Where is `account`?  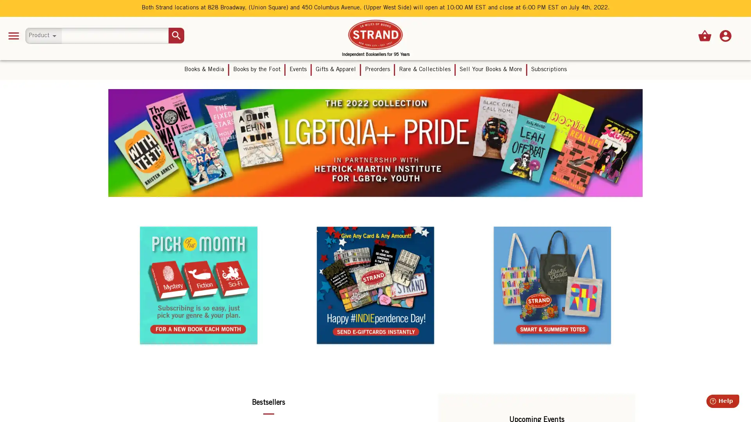 account is located at coordinates (725, 36).